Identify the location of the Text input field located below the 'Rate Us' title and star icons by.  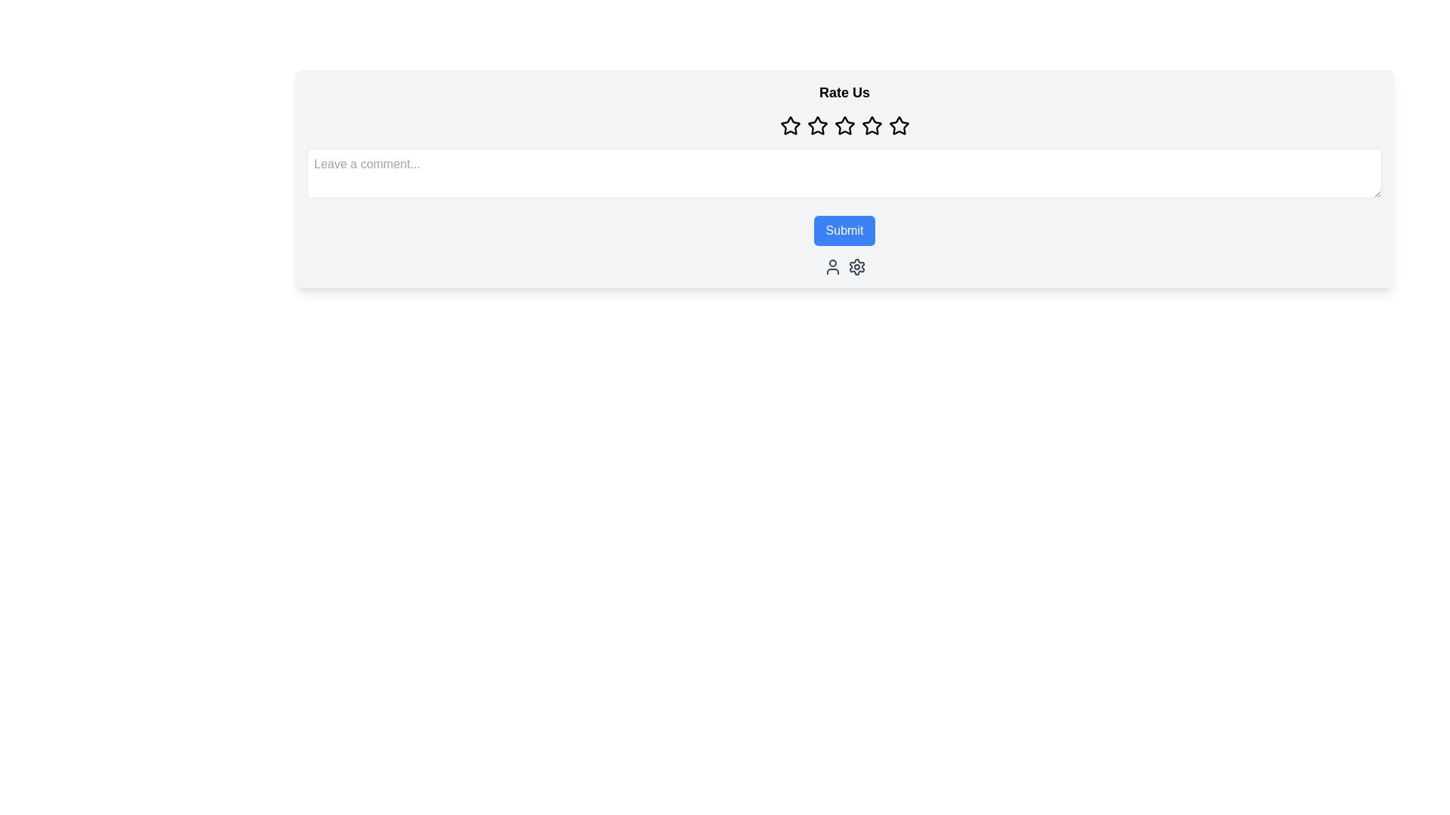
(844, 173).